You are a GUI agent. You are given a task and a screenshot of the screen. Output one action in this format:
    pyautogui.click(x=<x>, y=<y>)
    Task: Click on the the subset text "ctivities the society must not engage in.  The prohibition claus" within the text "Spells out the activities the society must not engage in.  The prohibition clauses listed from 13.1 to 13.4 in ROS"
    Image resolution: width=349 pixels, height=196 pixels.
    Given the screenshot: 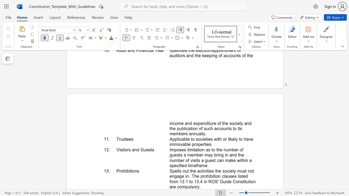 What is the action you would take?
    pyautogui.click(x=199, y=171)
    